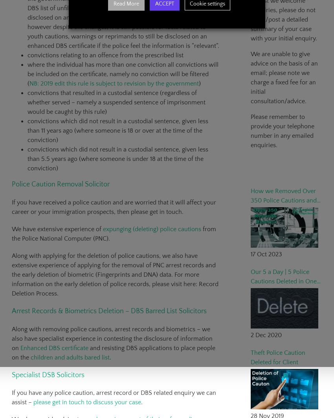 The width and height of the screenshot is (334, 418). I want to click on 'from the Police National Computer (PNC).', so click(114, 234).